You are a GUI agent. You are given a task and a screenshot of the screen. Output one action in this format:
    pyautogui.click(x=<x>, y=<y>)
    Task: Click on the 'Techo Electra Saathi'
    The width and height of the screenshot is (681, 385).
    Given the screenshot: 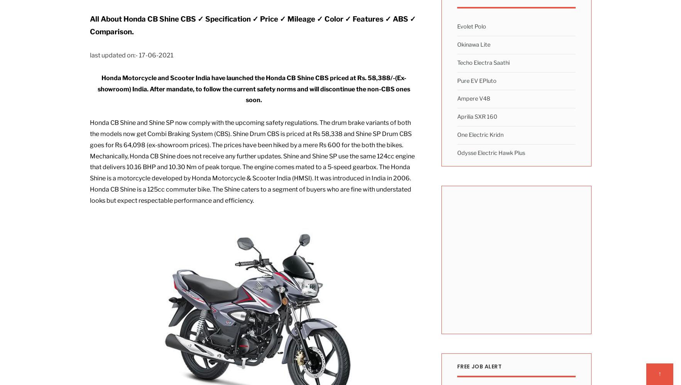 What is the action you would take?
    pyautogui.click(x=483, y=62)
    